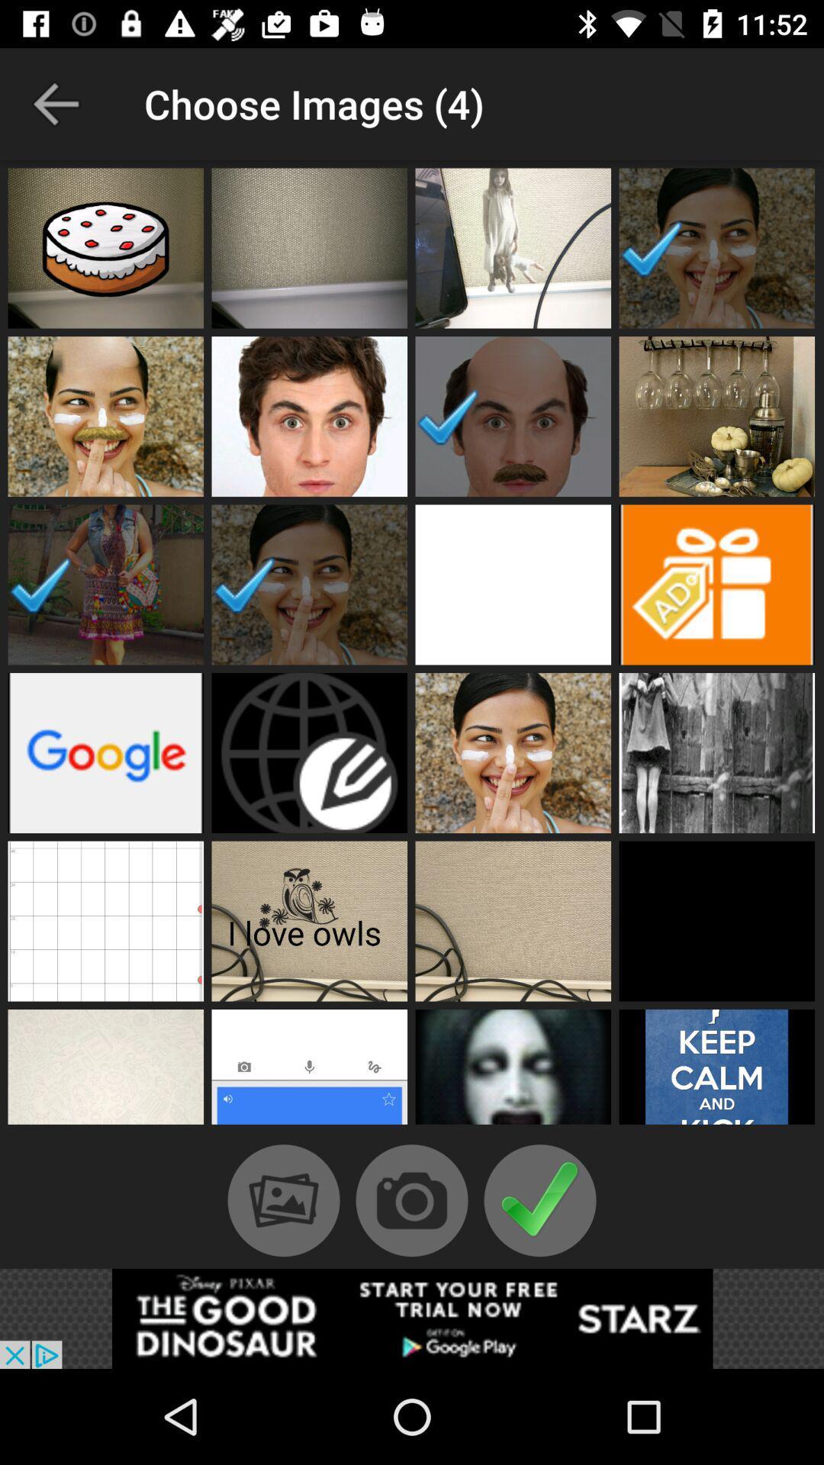 This screenshot has width=824, height=1465. Describe the element at coordinates (55, 103) in the screenshot. I see `go back` at that location.